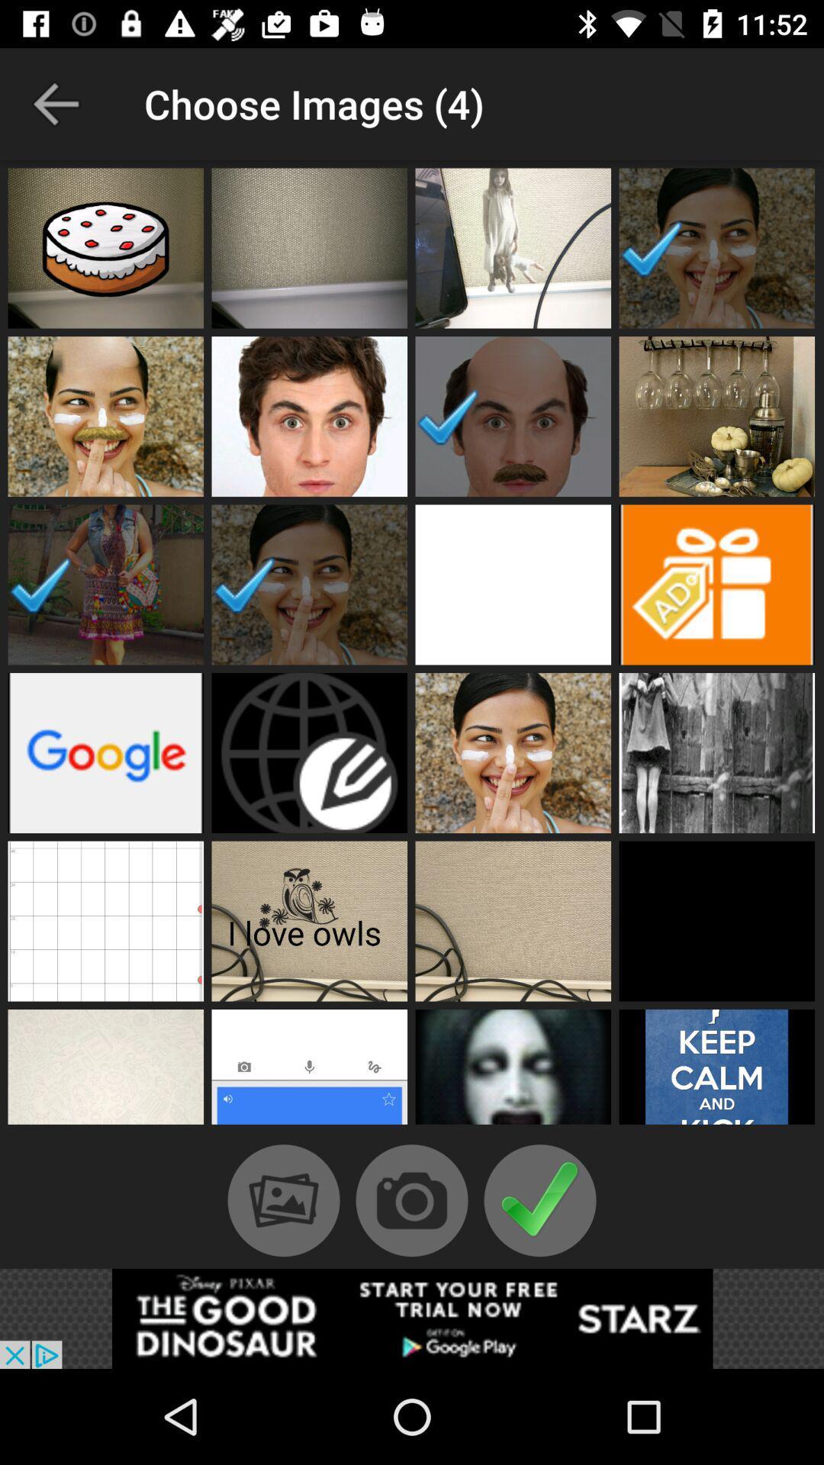 This screenshot has width=824, height=1465. Describe the element at coordinates (55, 103) in the screenshot. I see `go back` at that location.